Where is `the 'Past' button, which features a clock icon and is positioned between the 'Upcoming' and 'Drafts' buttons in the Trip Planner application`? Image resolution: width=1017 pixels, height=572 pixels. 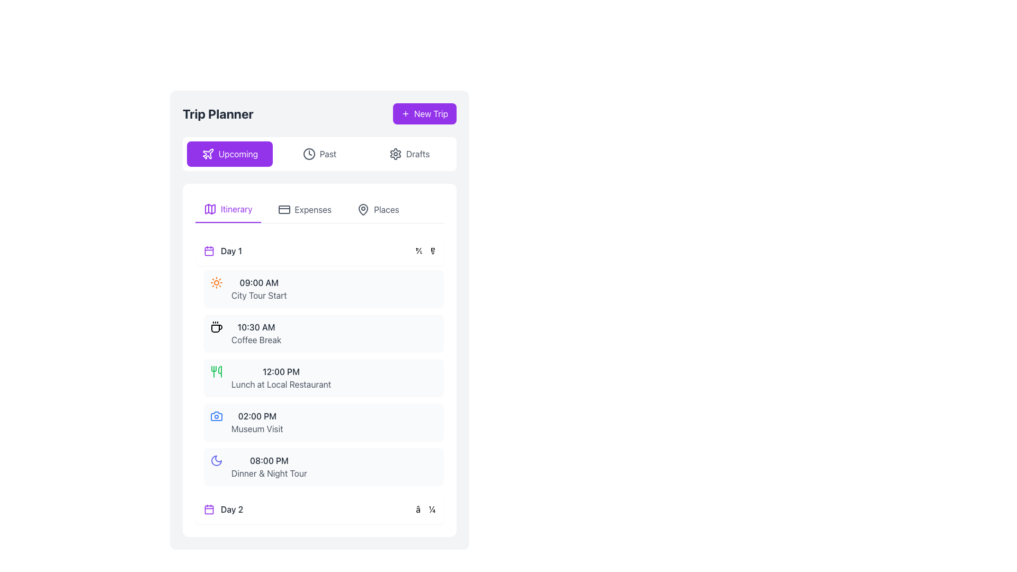 the 'Past' button, which features a clock icon and is positioned between the 'Upcoming' and 'Drafts' buttons in the Trip Planner application is located at coordinates (319, 154).